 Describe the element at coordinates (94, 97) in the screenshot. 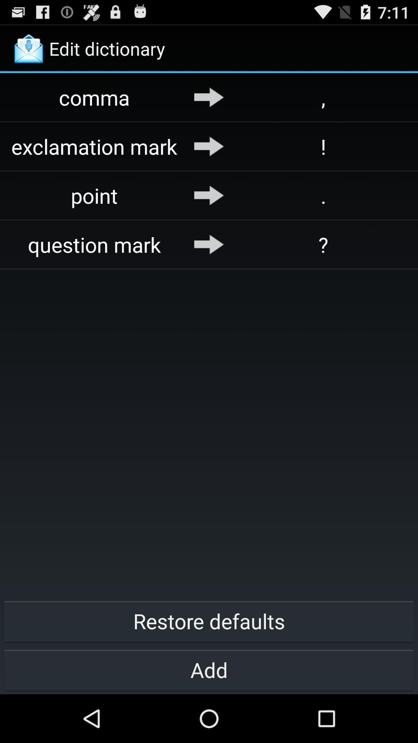

I see `app above the exclamation mark app` at that location.